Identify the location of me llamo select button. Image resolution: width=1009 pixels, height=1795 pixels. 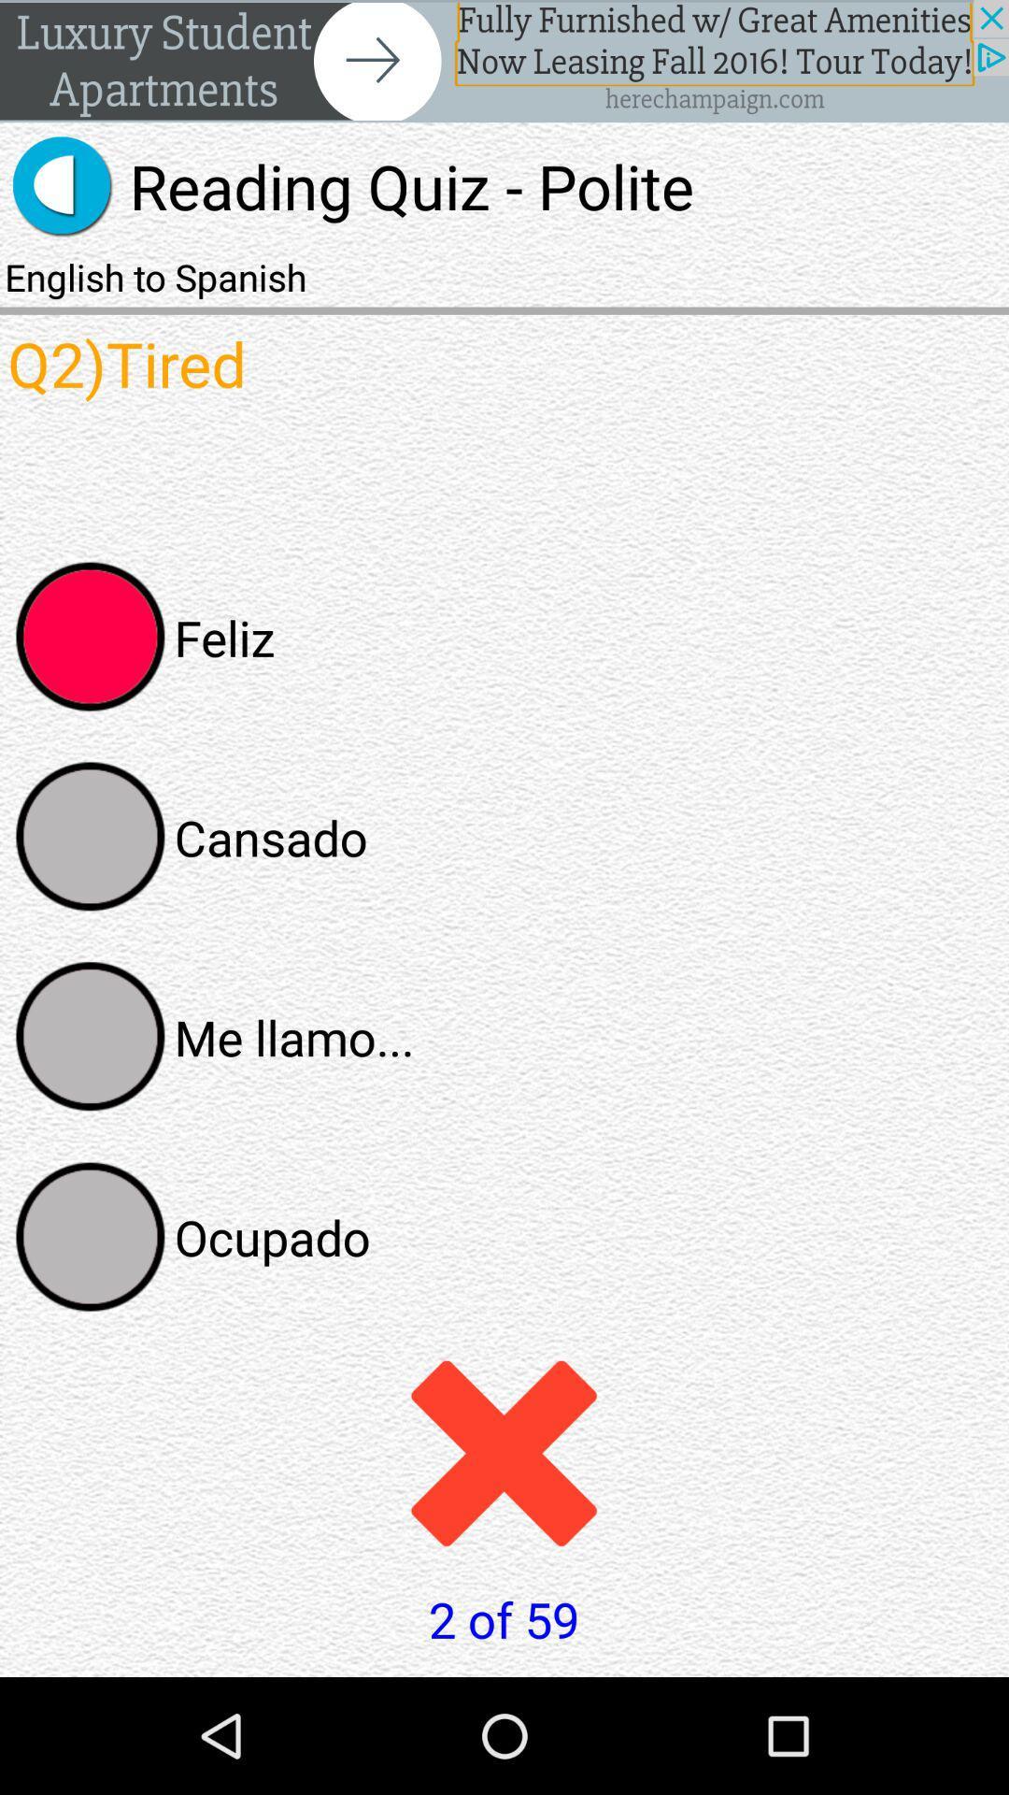
(91, 1036).